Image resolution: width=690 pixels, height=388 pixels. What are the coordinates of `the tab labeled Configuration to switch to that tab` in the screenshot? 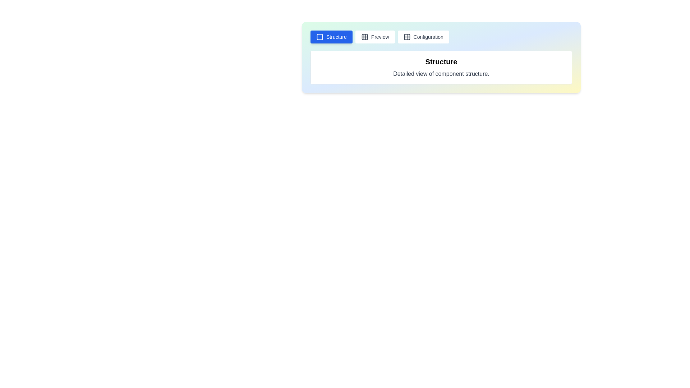 It's located at (423, 37).